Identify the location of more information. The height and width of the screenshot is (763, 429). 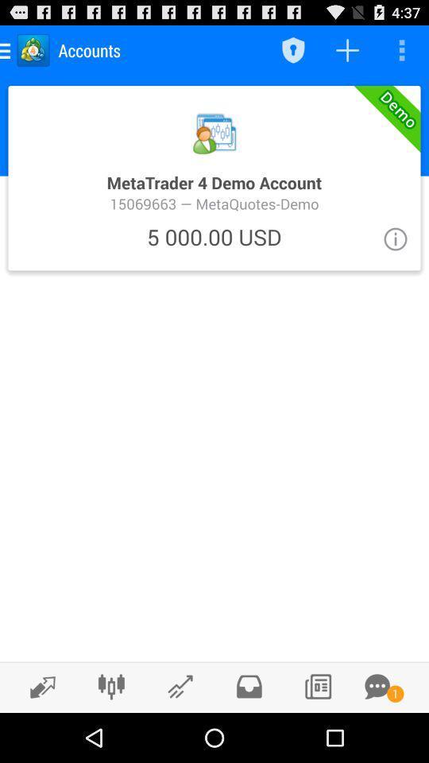
(394, 238).